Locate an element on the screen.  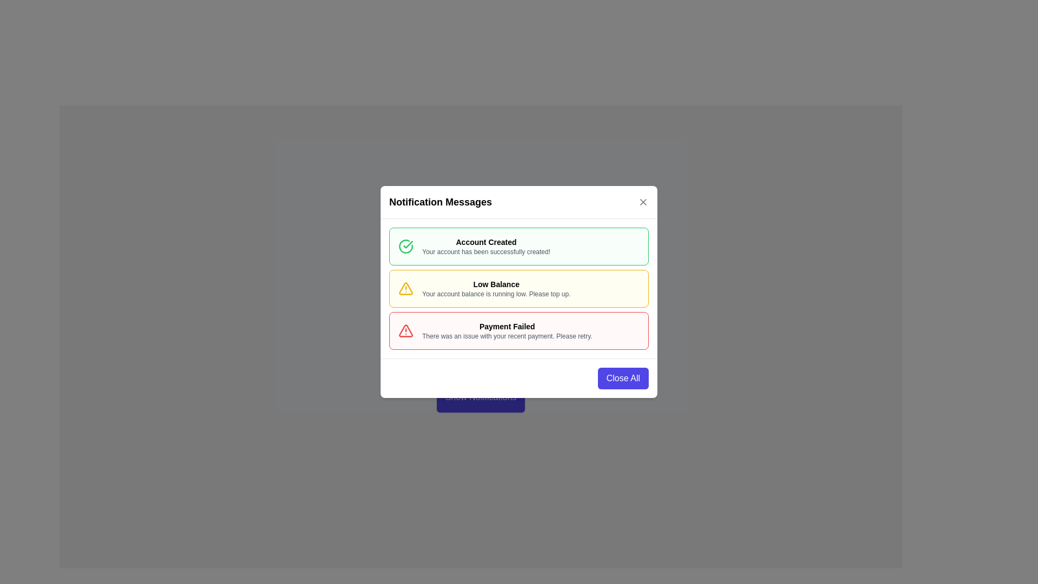
the confirmation message text label that indicates successful account creation, located below the 'Account Created' title in the first notification box of the modal dialog is located at coordinates (485, 252).